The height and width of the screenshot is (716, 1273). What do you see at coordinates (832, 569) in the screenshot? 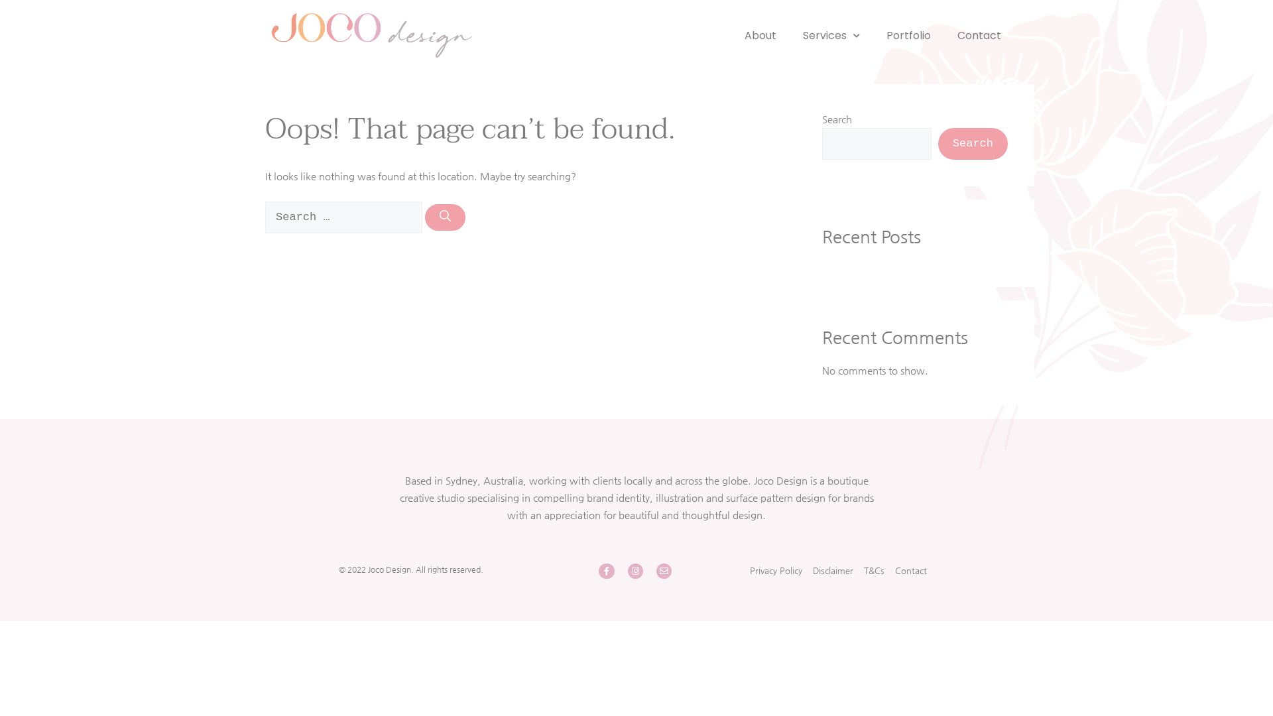
I see `'Disclaimer'` at bounding box center [832, 569].